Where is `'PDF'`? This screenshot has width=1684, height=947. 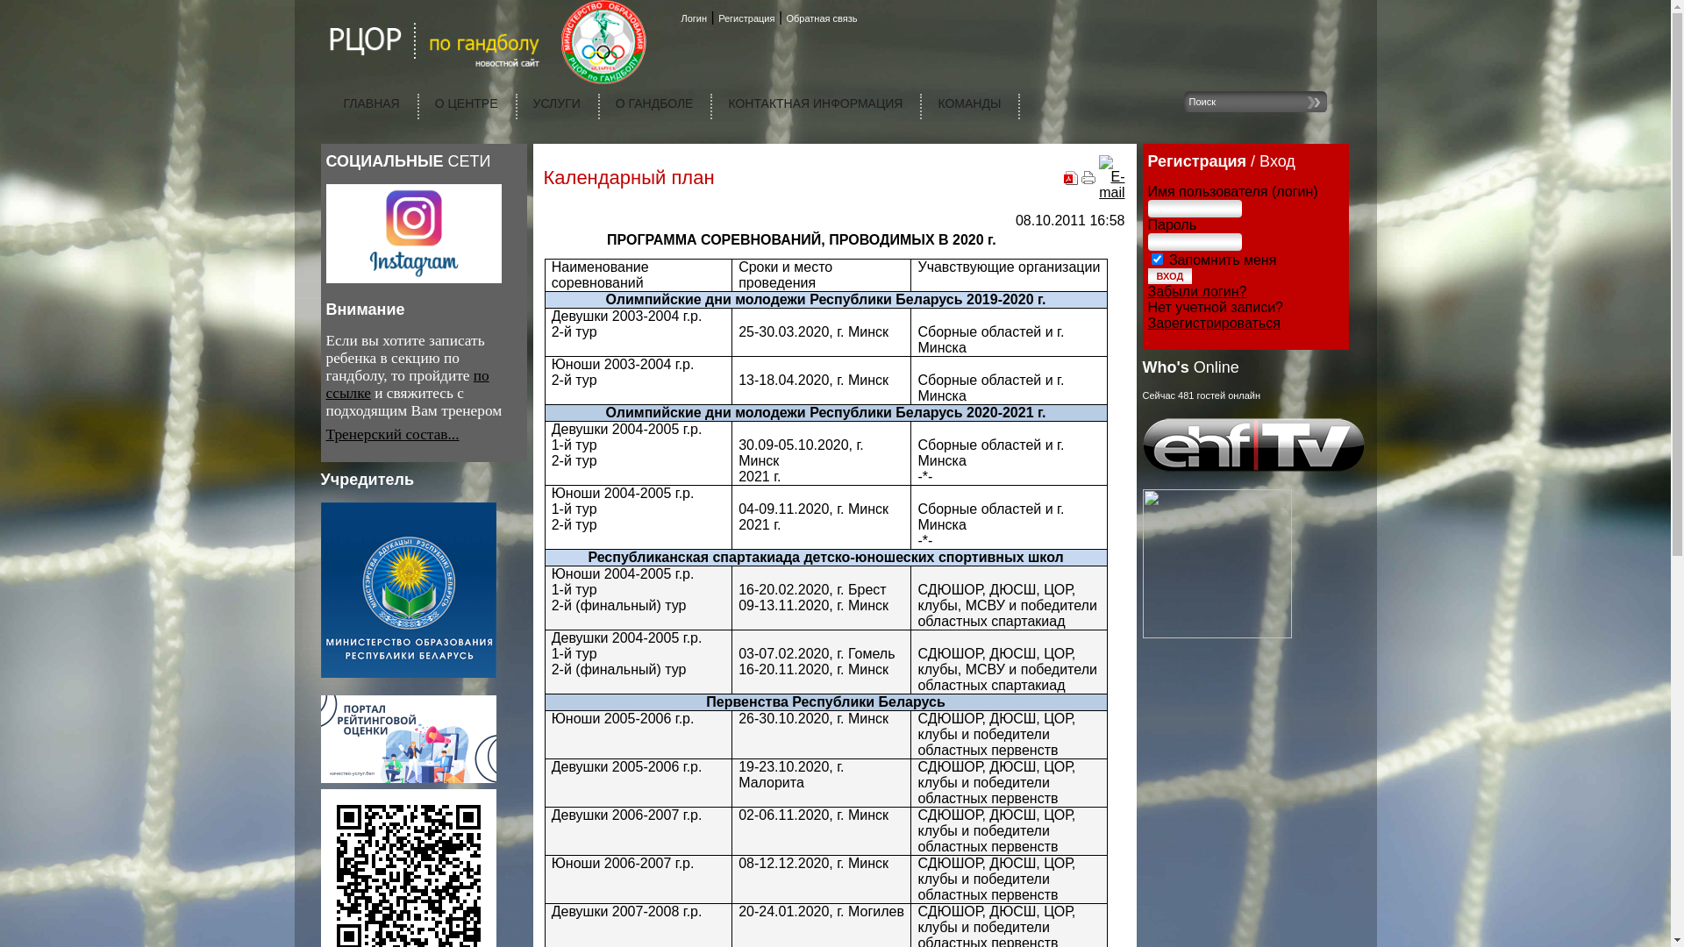 'PDF' is located at coordinates (1069, 180).